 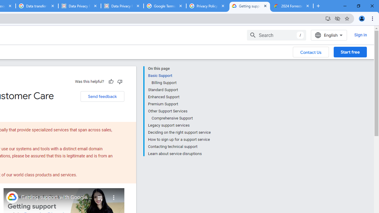 I want to click on 'Contact Us', so click(x=311, y=51).